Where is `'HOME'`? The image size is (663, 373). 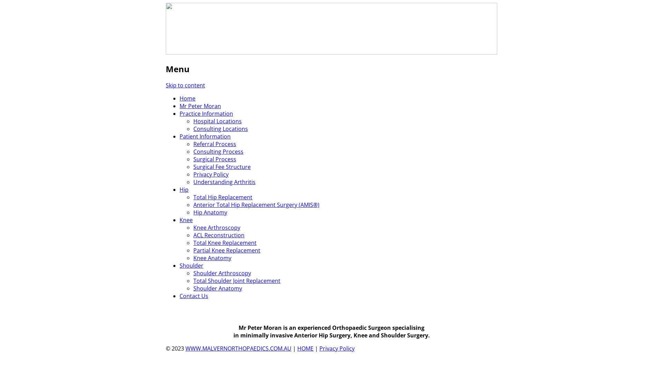
'HOME' is located at coordinates (305, 348).